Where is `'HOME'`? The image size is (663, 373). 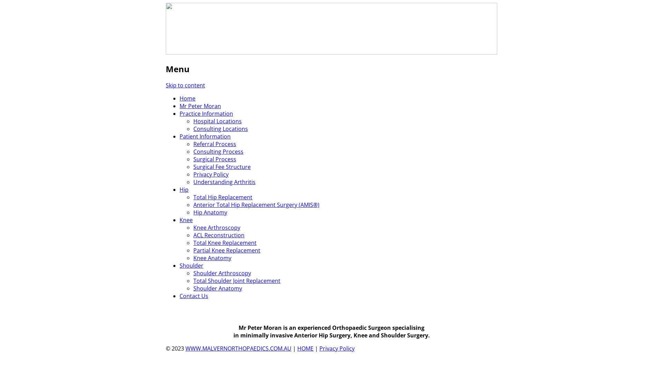
'HOME' is located at coordinates (305, 348).